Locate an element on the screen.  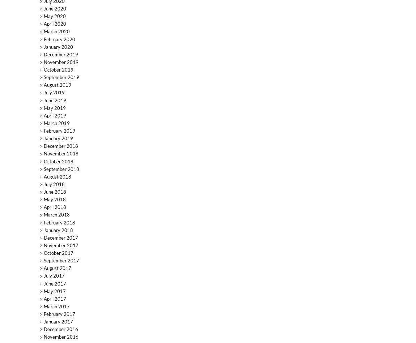
'April 2017' is located at coordinates (54, 298).